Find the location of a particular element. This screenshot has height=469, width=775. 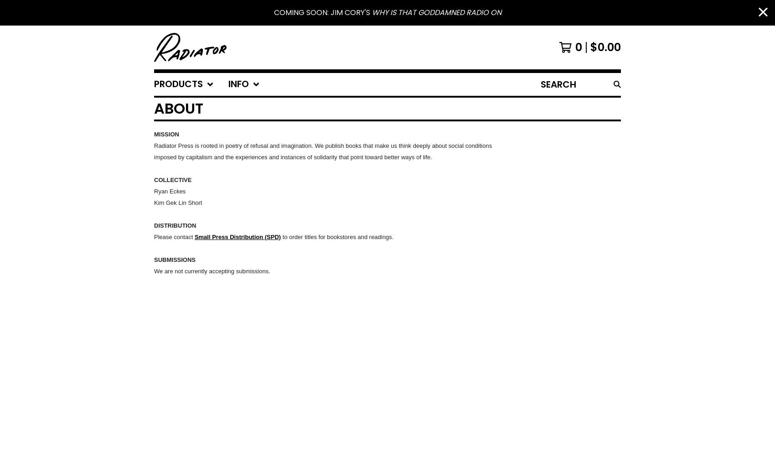

'Products' is located at coordinates (178, 84).